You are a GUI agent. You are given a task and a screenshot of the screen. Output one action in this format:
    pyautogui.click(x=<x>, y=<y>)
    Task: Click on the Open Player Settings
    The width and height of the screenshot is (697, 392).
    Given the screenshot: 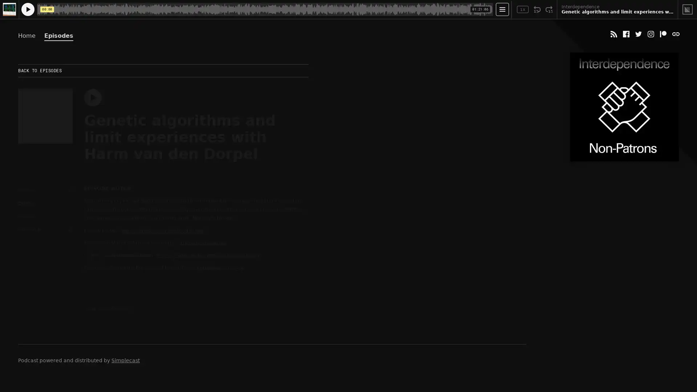 What is the action you would take?
    pyautogui.click(x=502, y=9)
    